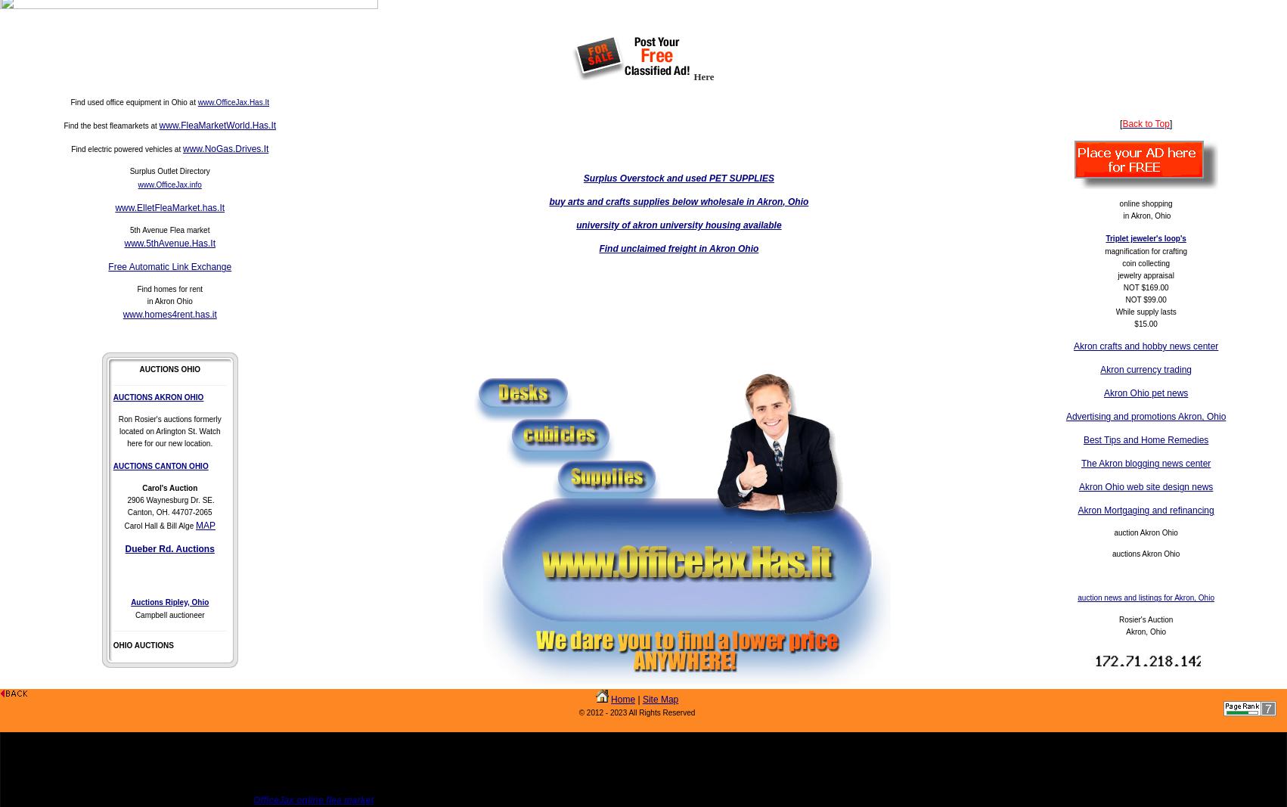 This screenshot has height=807, width=1287. Describe the element at coordinates (136, 185) in the screenshot. I see `'www.OfficeJax.info'` at that location.